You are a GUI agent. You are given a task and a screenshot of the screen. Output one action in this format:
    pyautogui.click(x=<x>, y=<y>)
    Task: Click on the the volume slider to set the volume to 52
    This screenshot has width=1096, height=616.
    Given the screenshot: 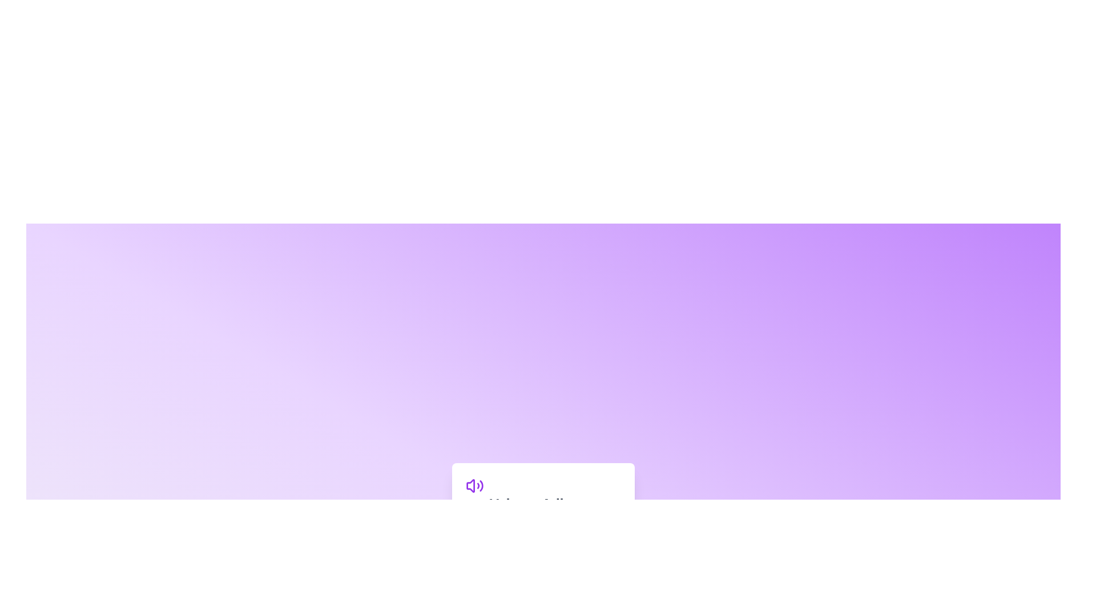 What is the action you would take?
    pyautogui.click(x=546, y=530)
    